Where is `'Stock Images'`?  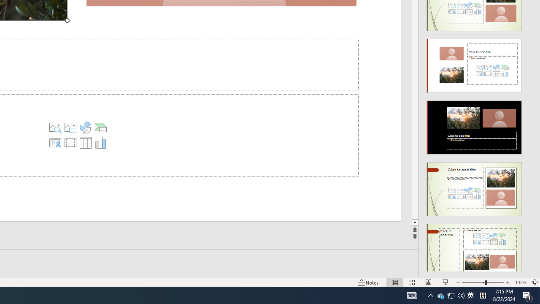
'Stock Images' is located at coordinates (55, 128).